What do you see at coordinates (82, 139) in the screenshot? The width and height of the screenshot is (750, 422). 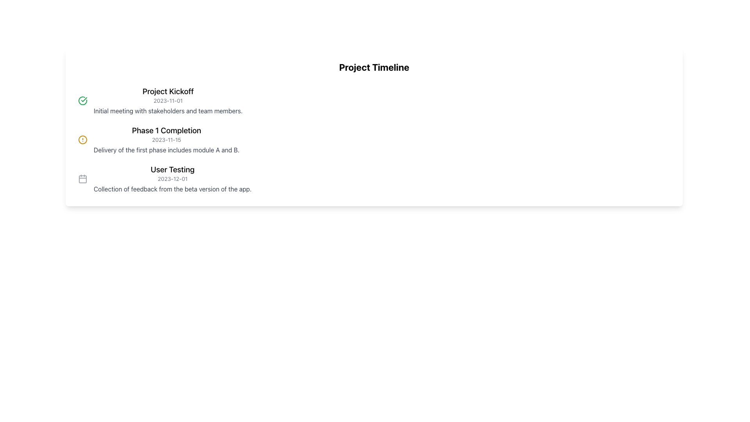 I see `decorative icon located to the left of the text 'Phase 1 Completion' in the second item of the vertical timeline for accessibility purposes` at bounding box center [82, 139].